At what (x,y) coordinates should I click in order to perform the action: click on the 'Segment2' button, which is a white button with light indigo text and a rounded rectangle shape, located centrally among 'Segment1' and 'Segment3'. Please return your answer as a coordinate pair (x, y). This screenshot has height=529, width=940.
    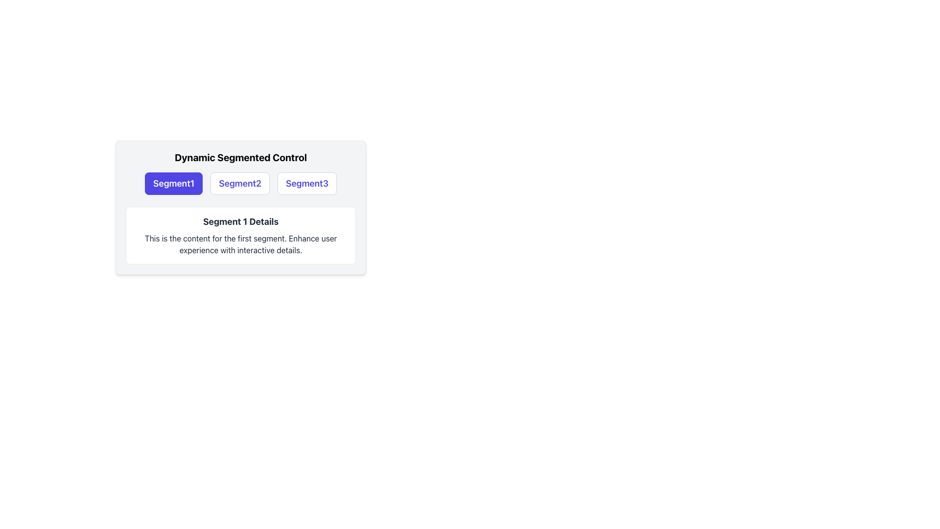
    Looking at the image, I should click on (240, 183).